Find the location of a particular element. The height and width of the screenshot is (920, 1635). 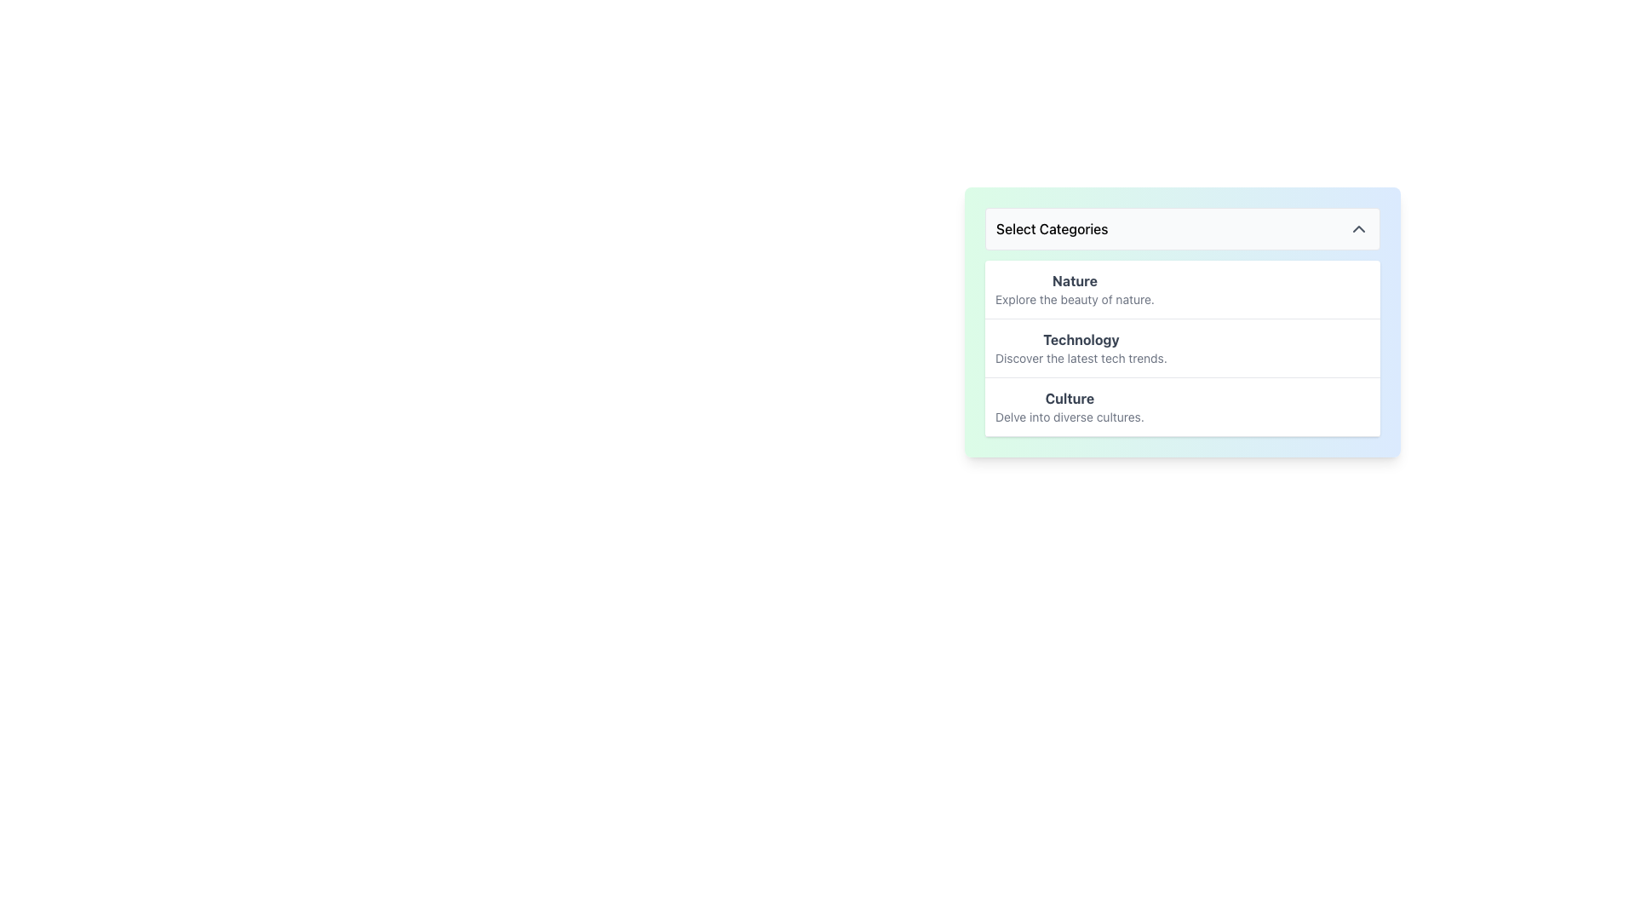

the text block labeled 'Technology' that includes the title and caption is located at coordinates (1080, 347).